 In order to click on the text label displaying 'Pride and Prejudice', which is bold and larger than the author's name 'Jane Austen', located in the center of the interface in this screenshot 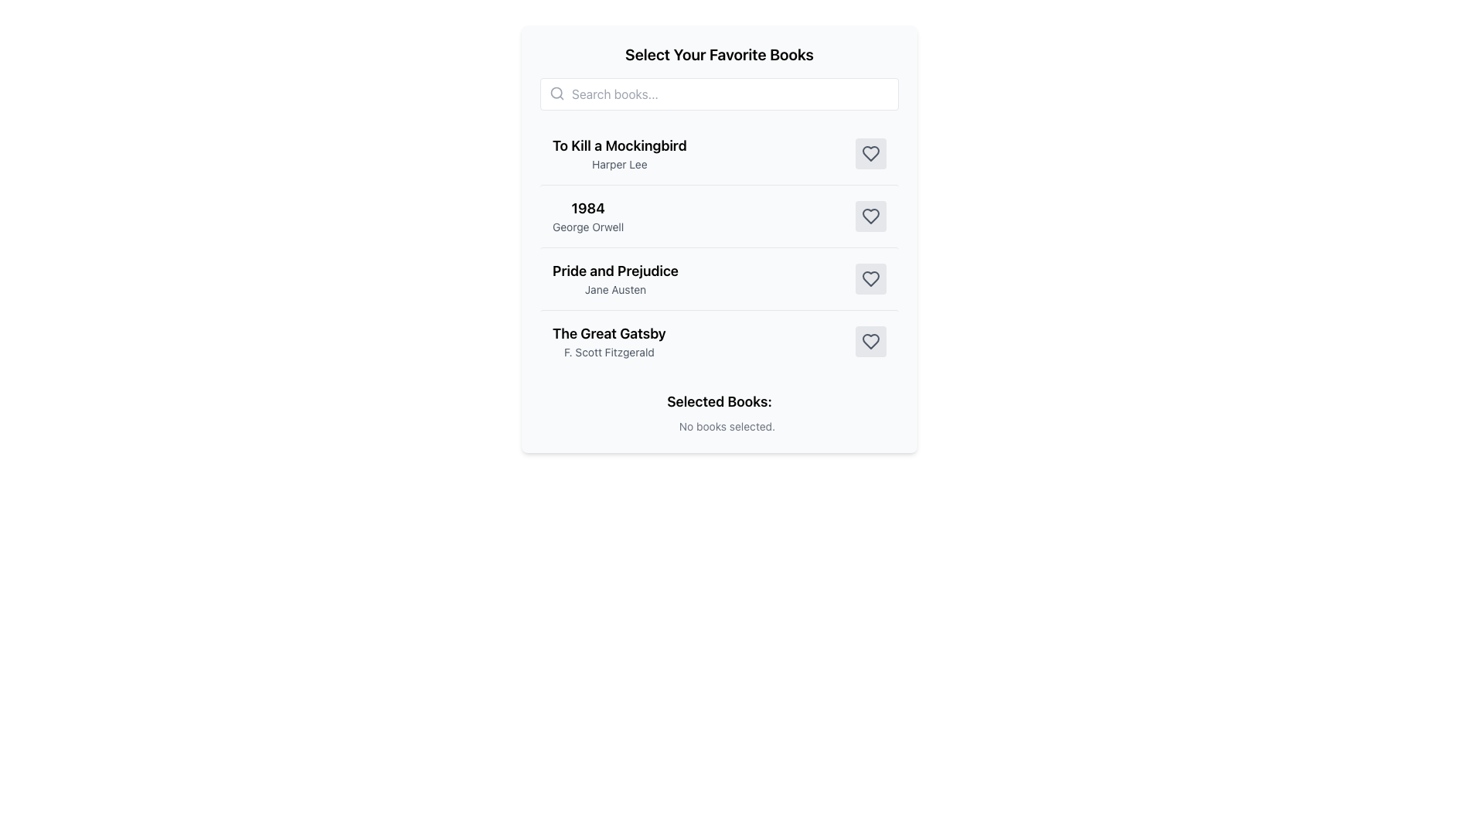, I will do `click(614, 271)`.